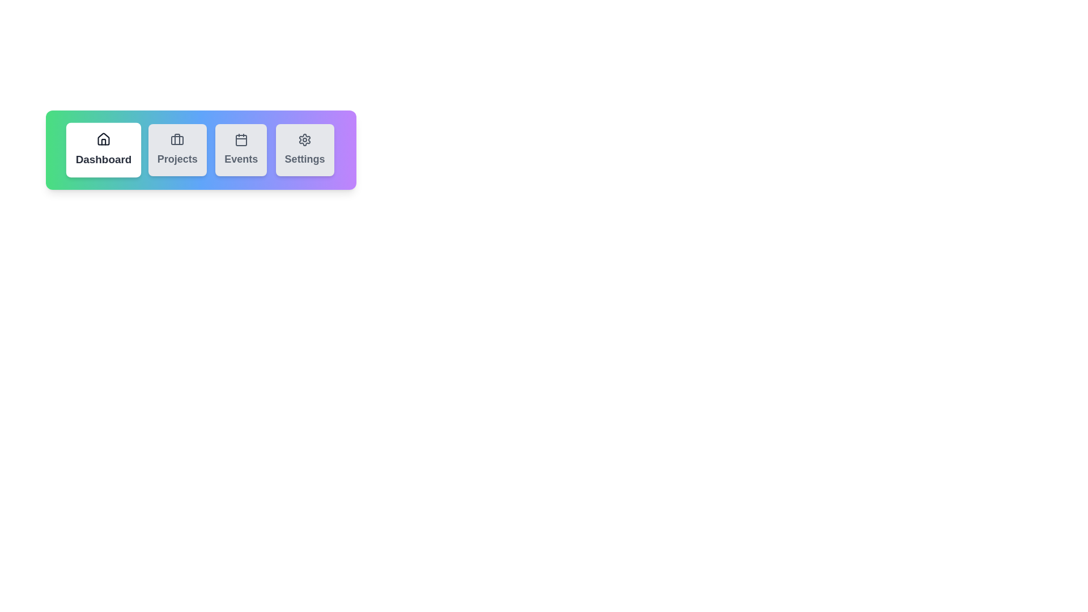 This screenshot has height=612, width=1088. I want to click on the Dashboard tab to preview its hover effect, so click(103, 150).